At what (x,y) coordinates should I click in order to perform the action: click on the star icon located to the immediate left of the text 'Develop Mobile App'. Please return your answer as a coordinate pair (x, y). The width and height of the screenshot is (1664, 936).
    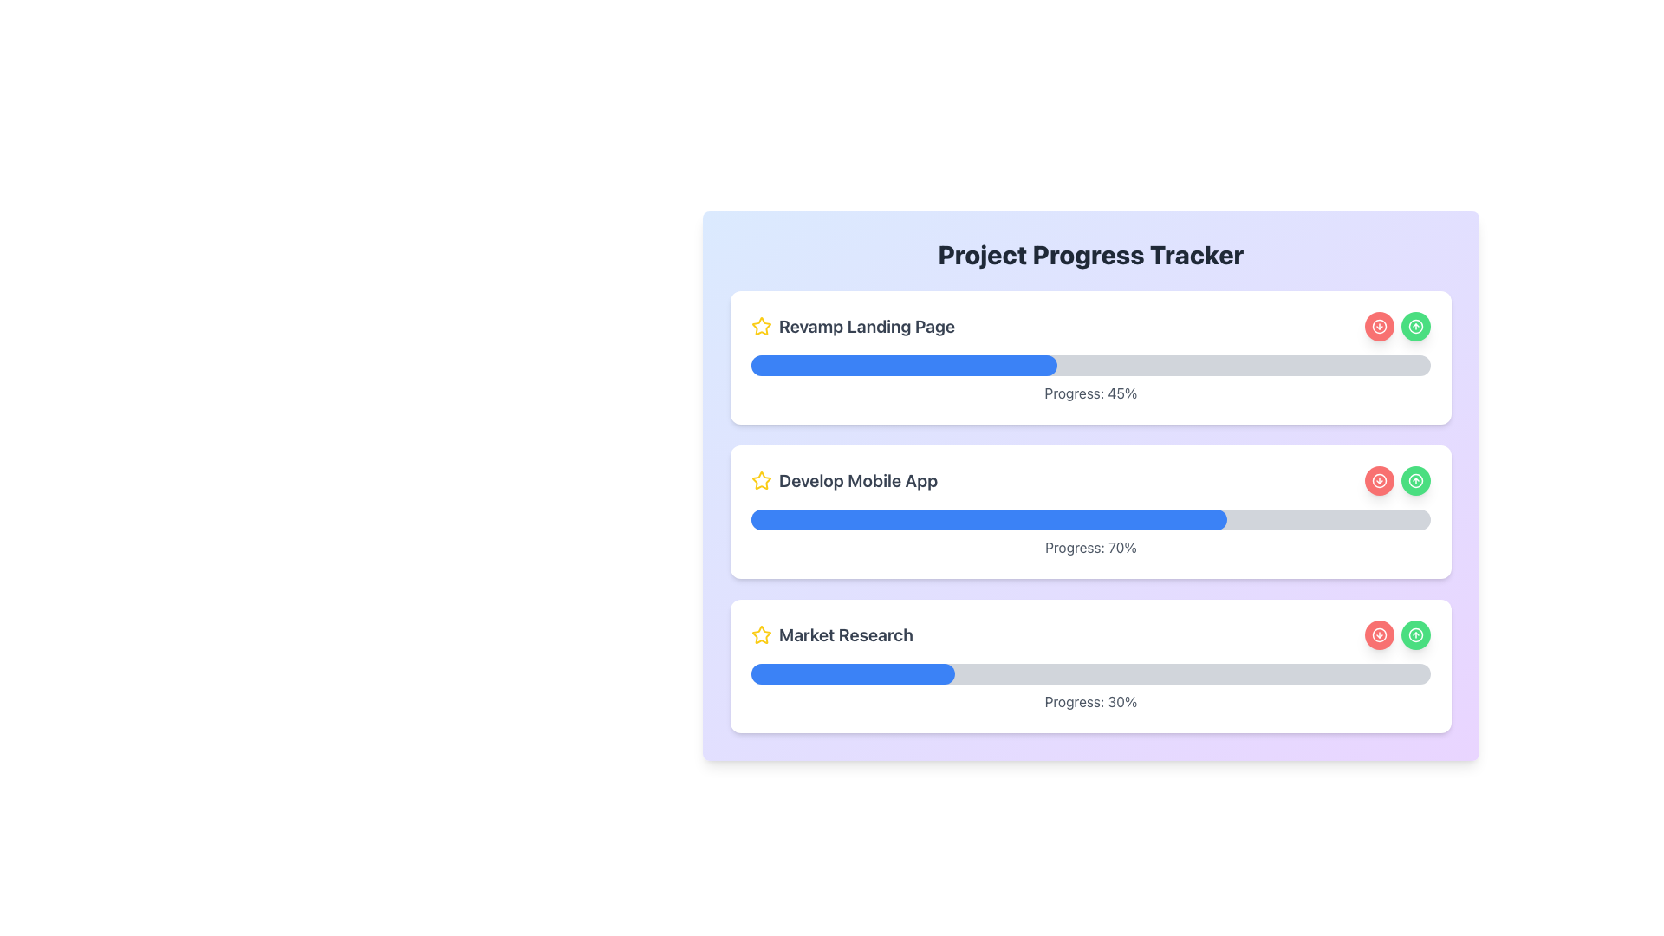
    Looking at the image, I should click on (761, 481).